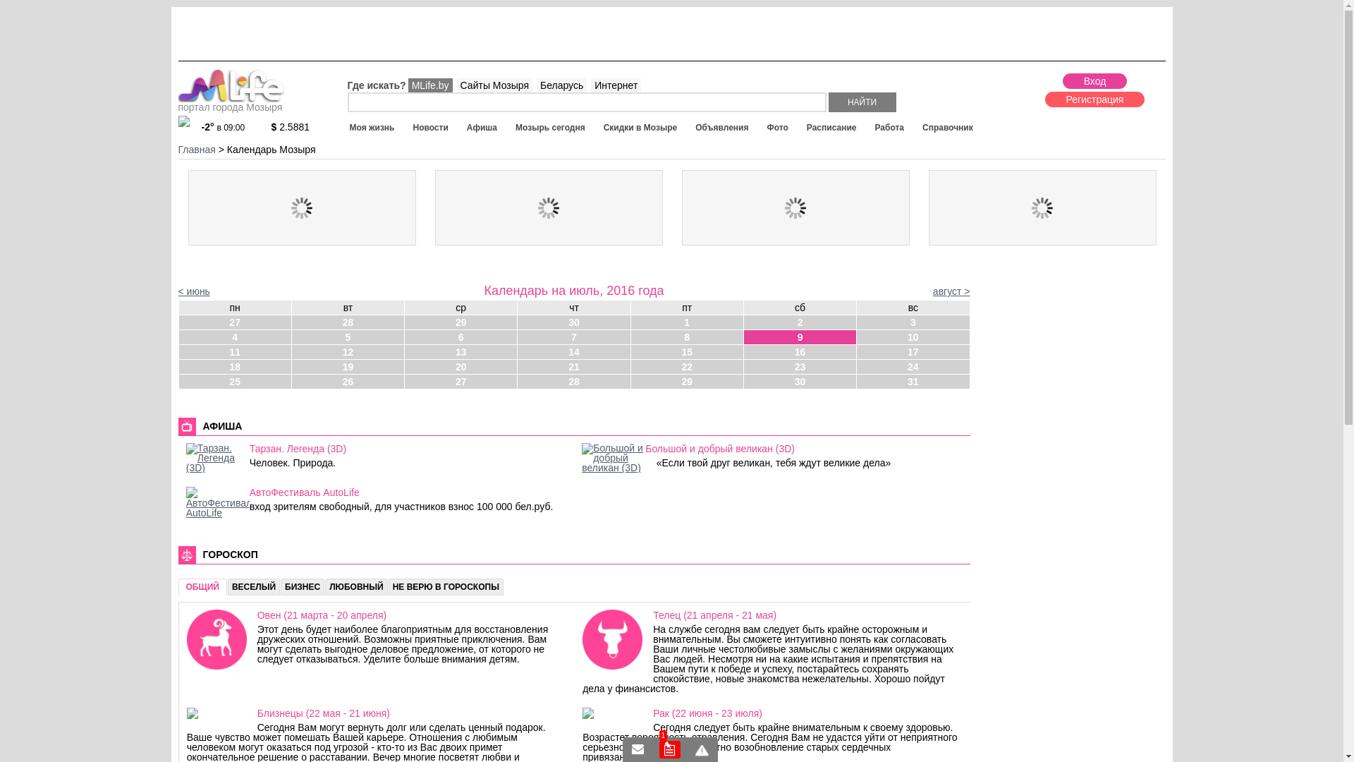  What do you see at coordinates (573, 351) in the screenshot?
I see `'14'` at bounding box center [573, 351].